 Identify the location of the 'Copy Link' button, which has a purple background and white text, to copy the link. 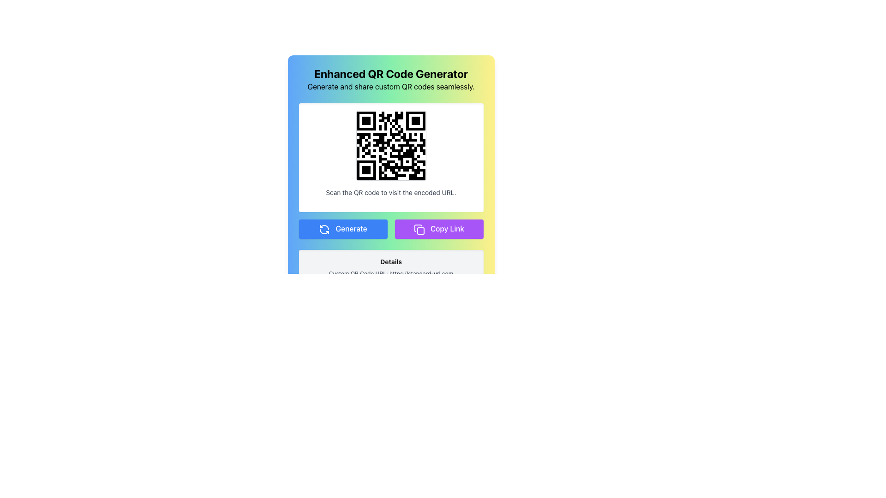
(438, 228).